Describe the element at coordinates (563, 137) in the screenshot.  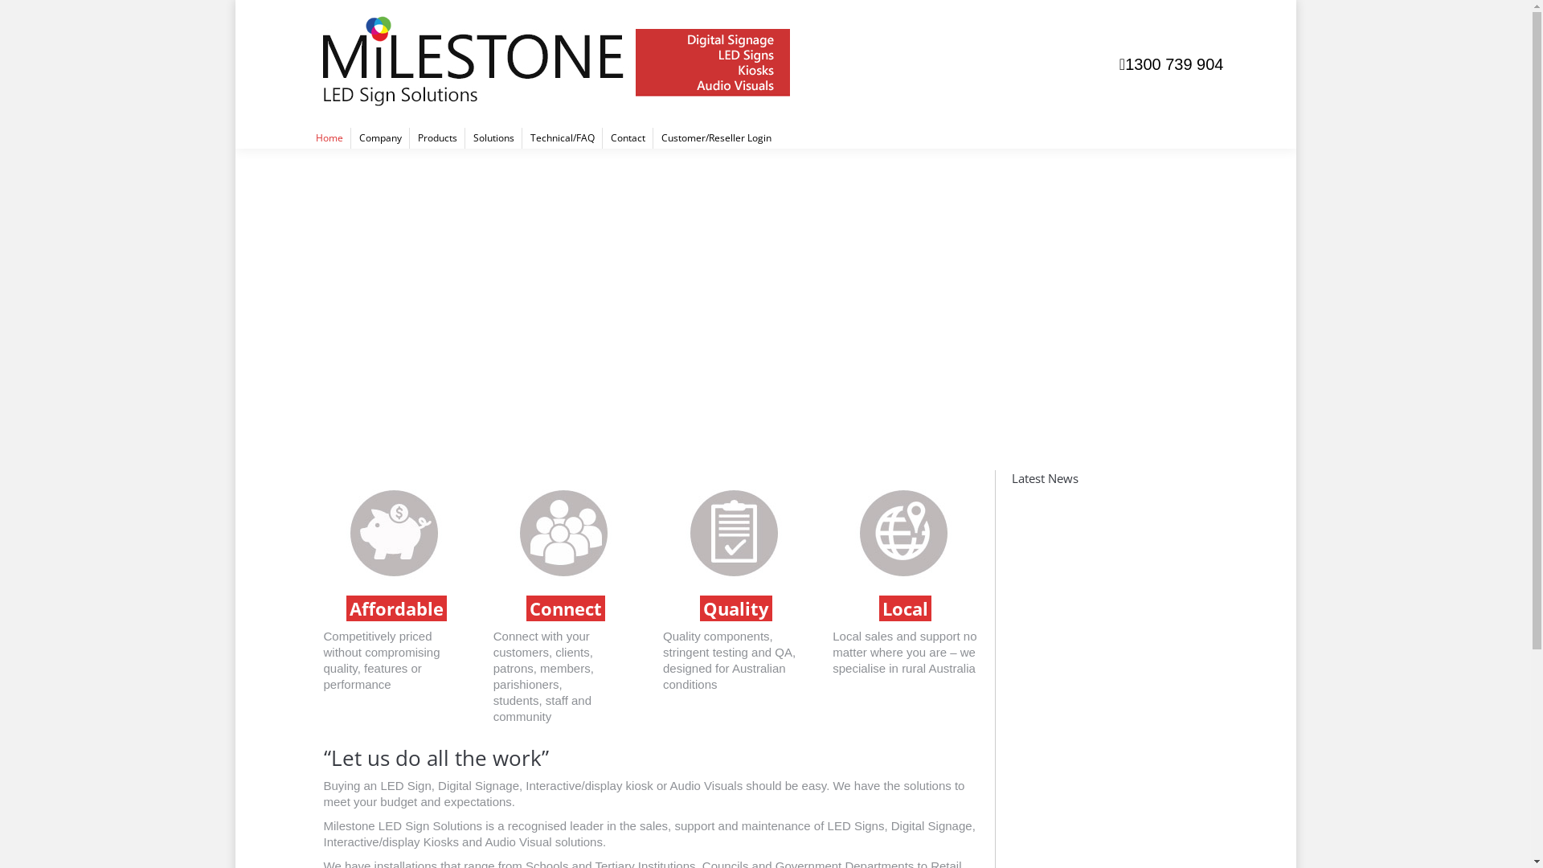
I see `'Technical/FAQ'` at that location.